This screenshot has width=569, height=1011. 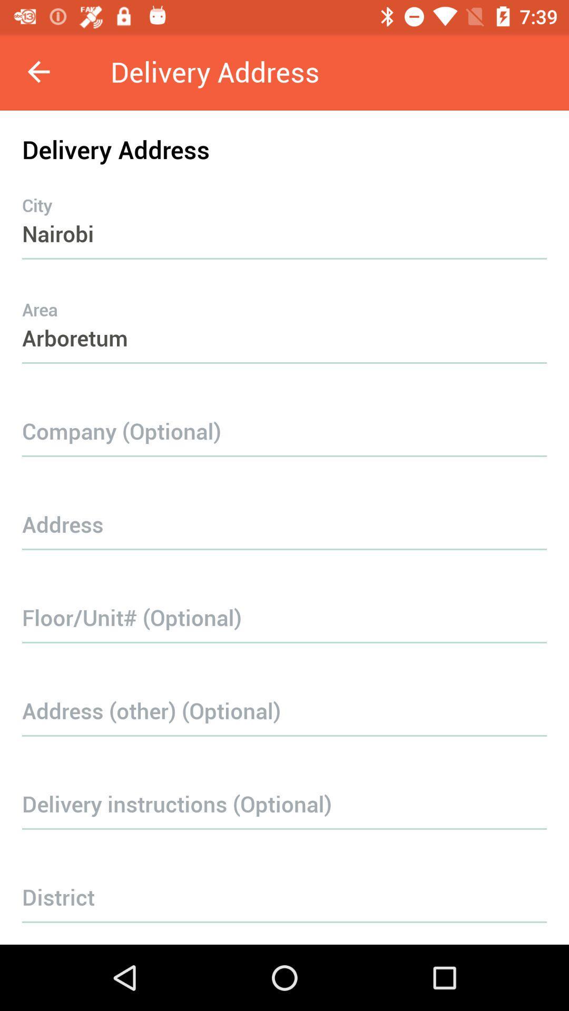 What do you see at coordinates (38, 71) in the screenshot?
I see `the icon next to delivery address` at bounding box center [38, 71].